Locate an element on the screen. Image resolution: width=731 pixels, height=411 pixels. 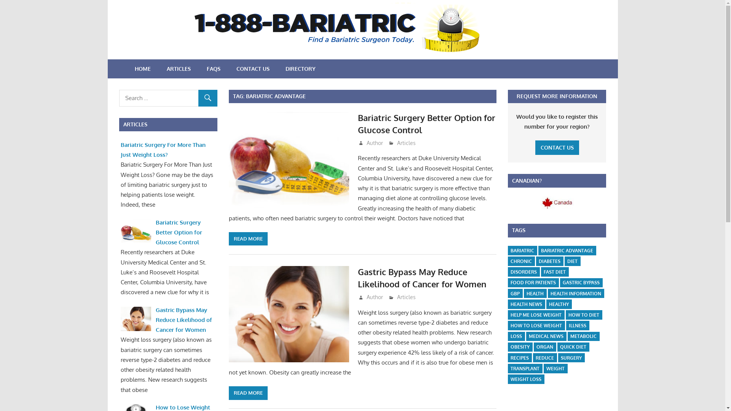
'HELP ME LOSE WEIGHT' is located at coordinates (535, 315).